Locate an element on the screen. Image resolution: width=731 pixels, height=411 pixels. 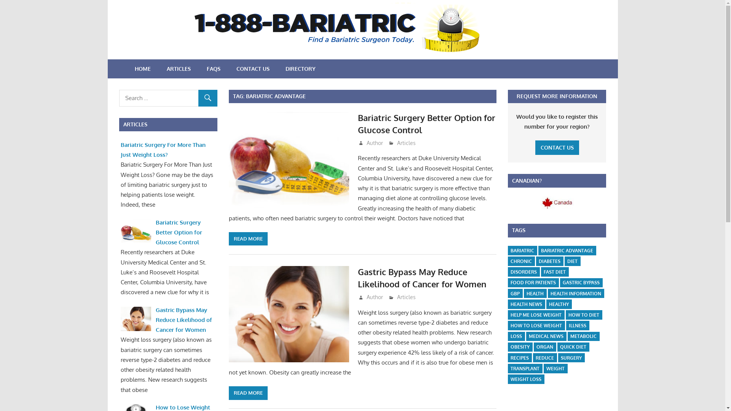
'HELP ME LOSE WEIGHT' is located at coordinates (535, 315).